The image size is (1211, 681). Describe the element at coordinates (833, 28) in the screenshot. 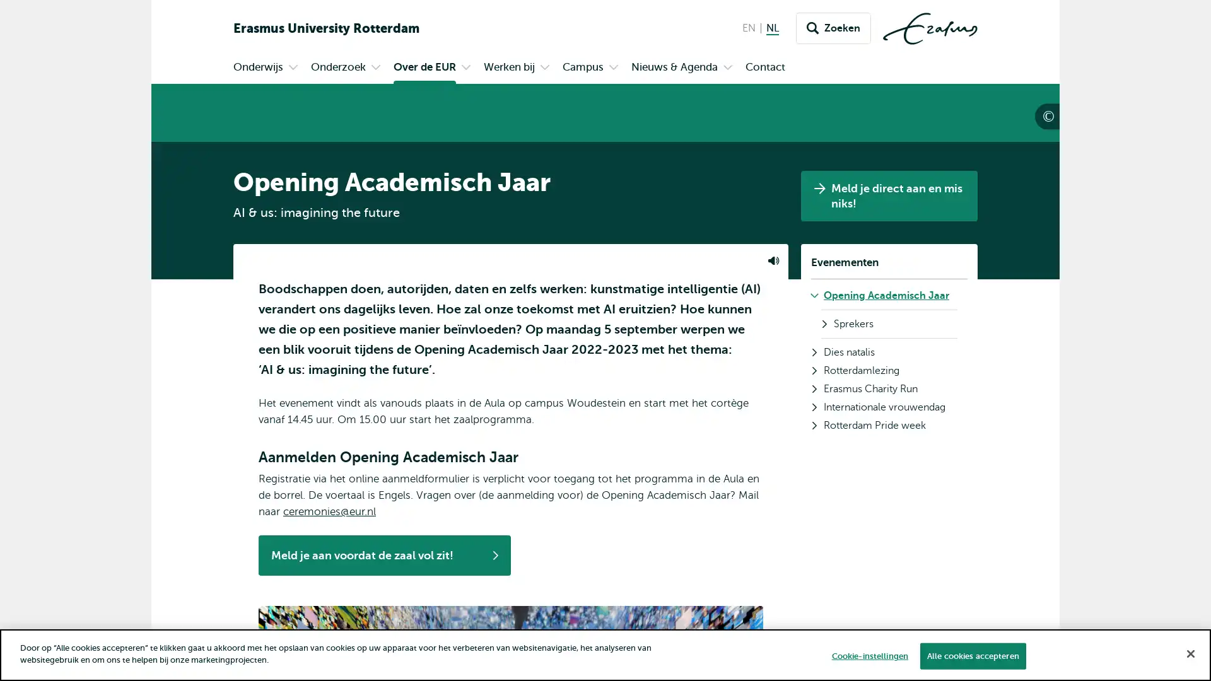

I see `Zoeken` at that location.